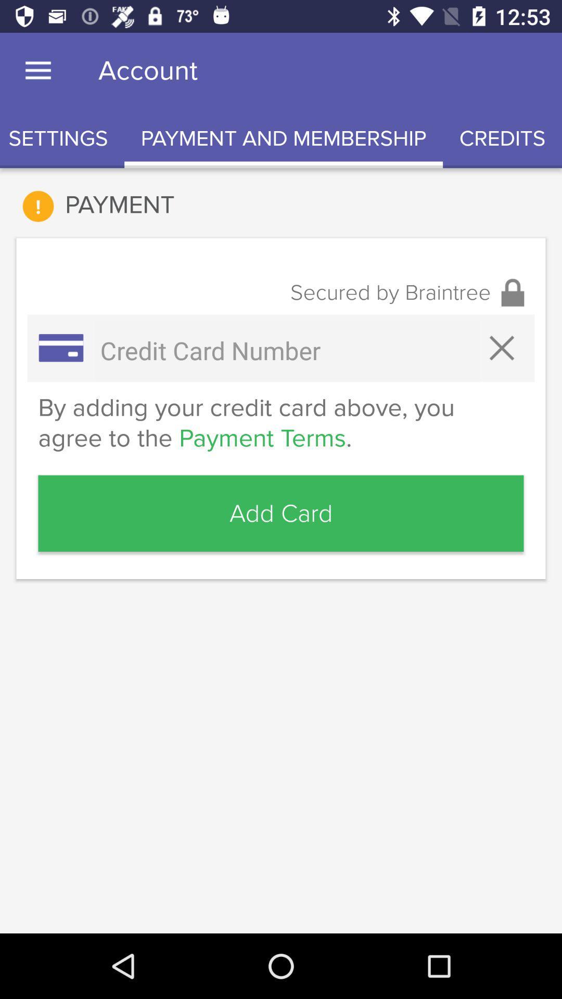 Image resolution: width=562 pixels, height=999 pixels. I want to click on credit card number, so click(287, 351).